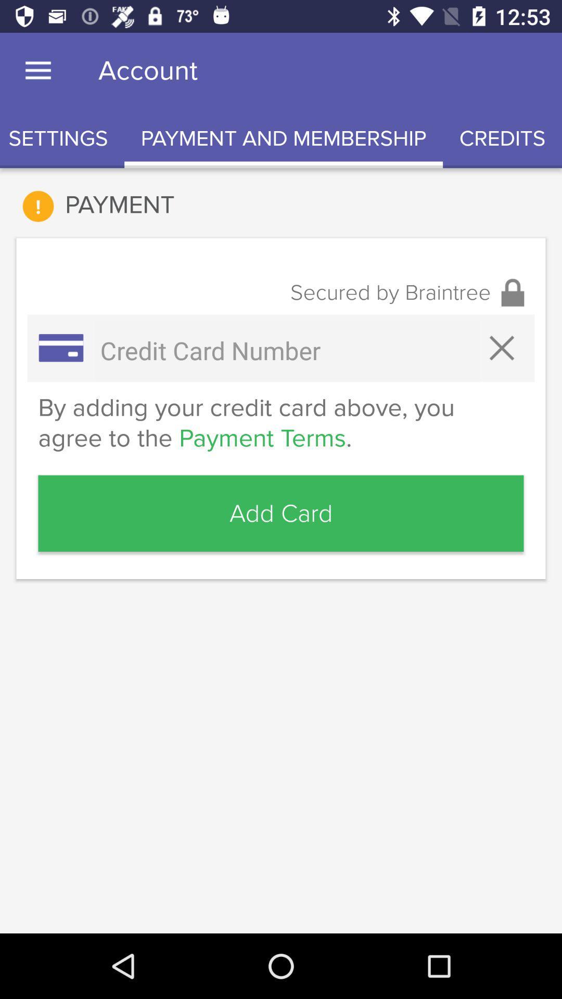 Image resolution: width=562 pixels, height=999 pixels. I want to click on credit card number, so click(287, 351).